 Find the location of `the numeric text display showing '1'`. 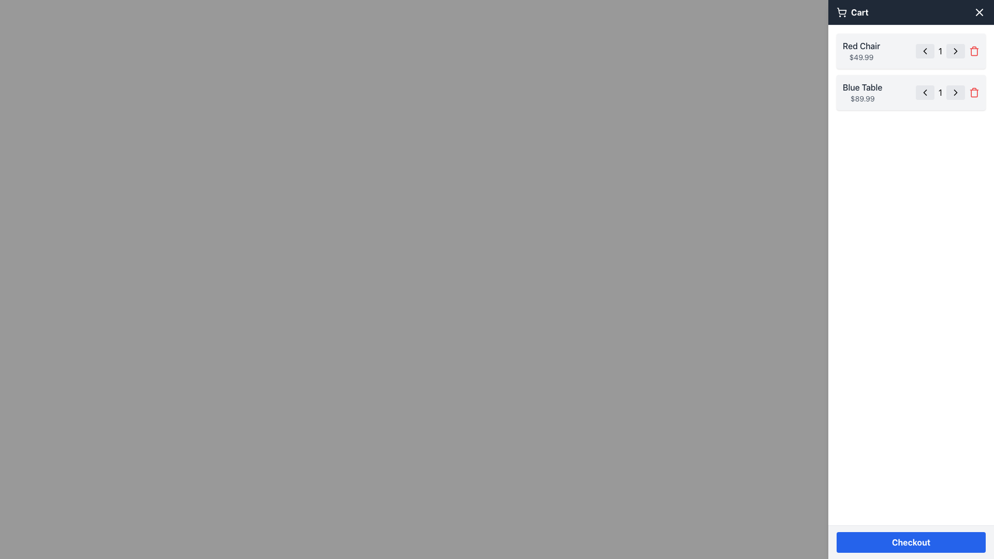

the numeric text display showing '1' is located at coordinates (947, 51).